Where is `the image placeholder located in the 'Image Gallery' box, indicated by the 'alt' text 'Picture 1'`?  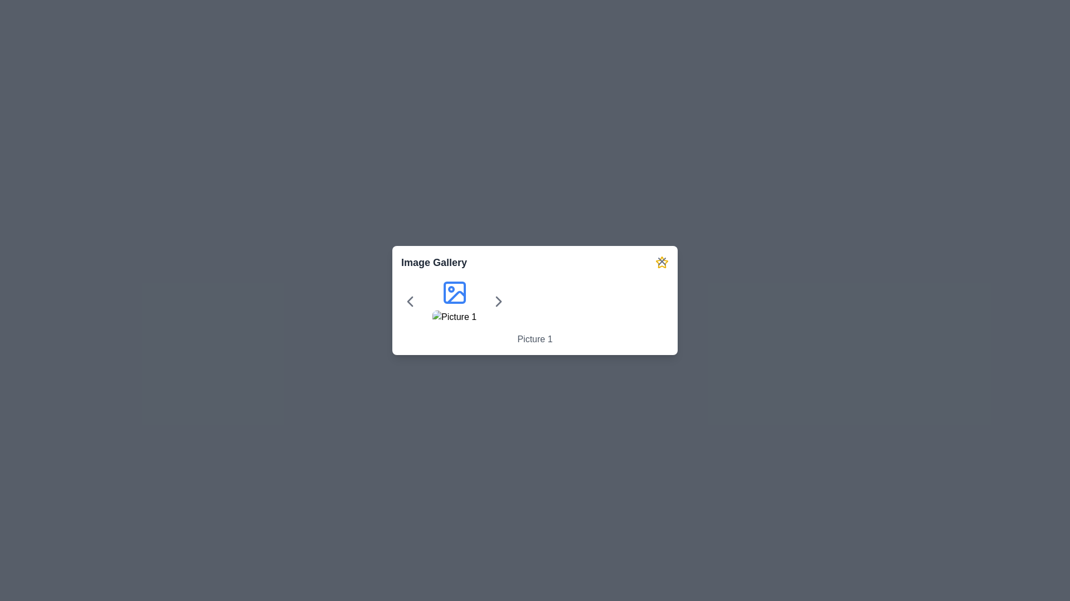
the image placeholder located in the 'Image Gallery' box, indicated by the 'alt' text 'Picture 1' is located at coordinates (454, 317).